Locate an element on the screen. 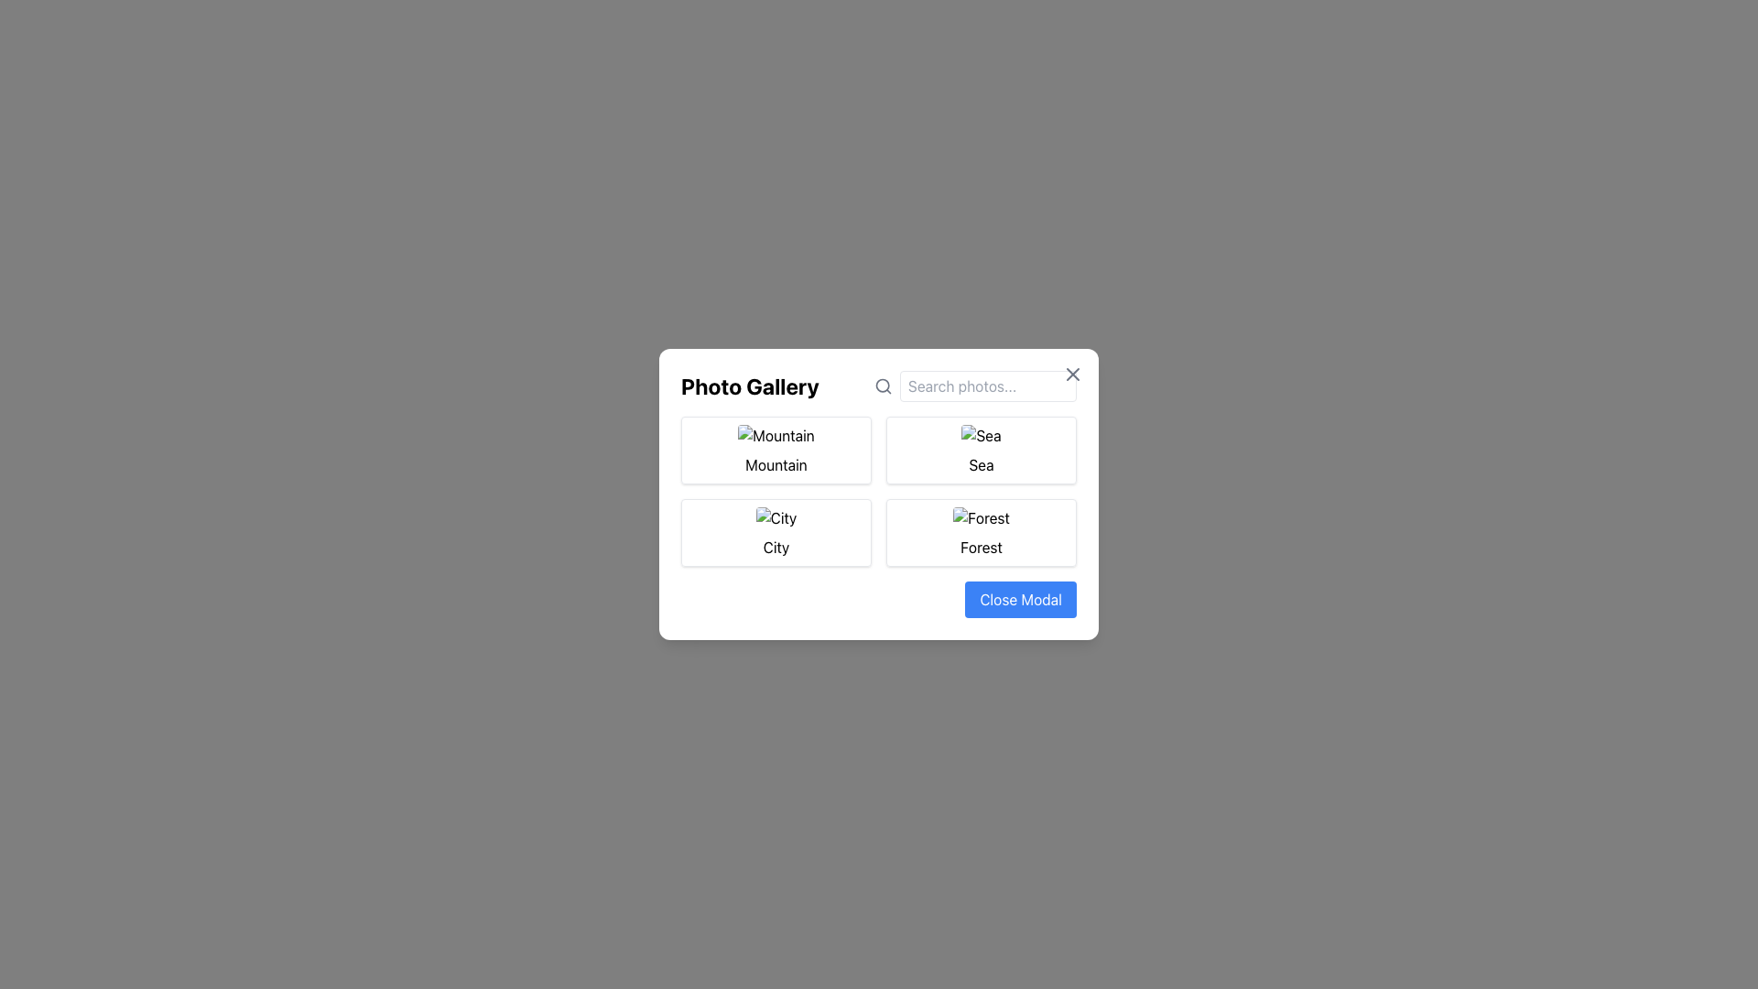  text label that reads 'Mountain', which is located in the first column, first row of the grid layout below the image placeholder in the 'Photo Gallery' modal window is located at coordinates (776, 464).